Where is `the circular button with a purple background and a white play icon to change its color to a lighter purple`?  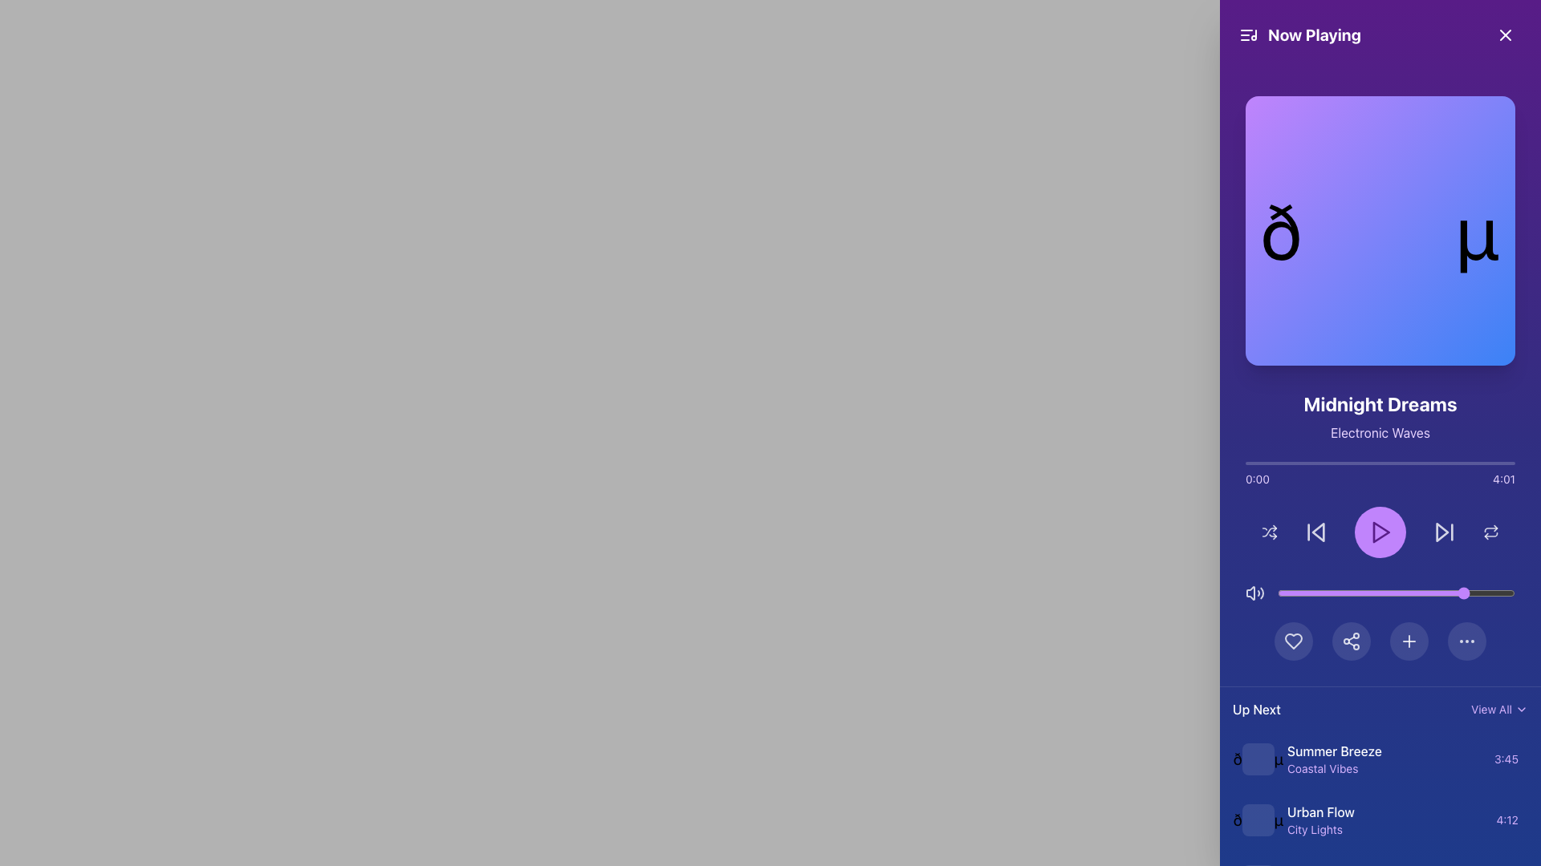 the circular button with a purple background and a white play icon to change its color to a lighter purple is located at coordinates (1379, 532).